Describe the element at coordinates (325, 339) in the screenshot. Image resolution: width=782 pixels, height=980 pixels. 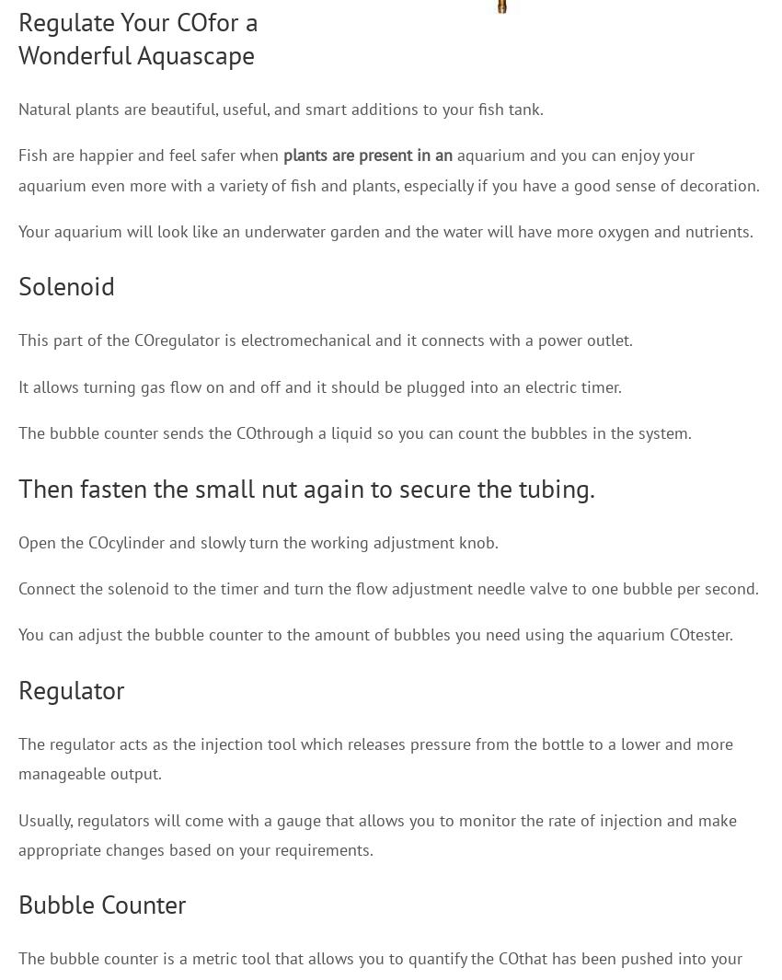
I see `'This part of the COregulator is electromechanical and it connects with a power outlet.'` at that location.